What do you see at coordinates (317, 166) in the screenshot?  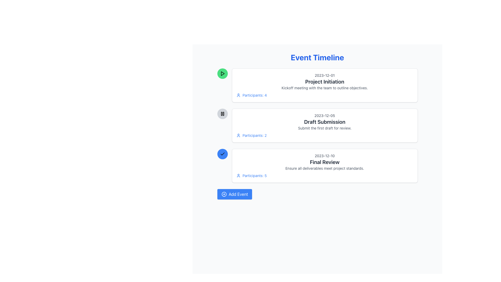 I see `the Event display card titled 'Final Review', which is the third item` at bounding box center [317, 166].